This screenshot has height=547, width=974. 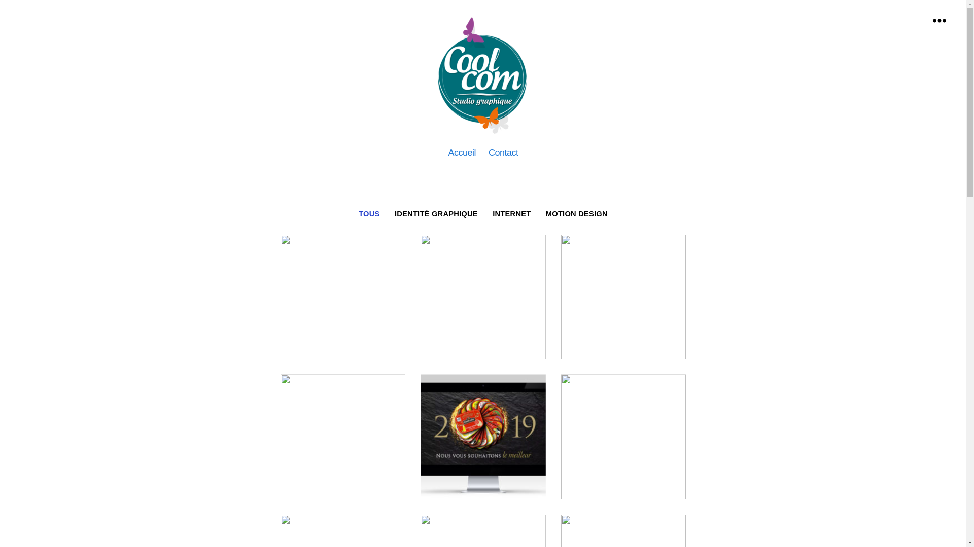 What do you see at coordinates (939, 20) in the screenshot?
I see `'Menu'` at bounding box center [939, 20].